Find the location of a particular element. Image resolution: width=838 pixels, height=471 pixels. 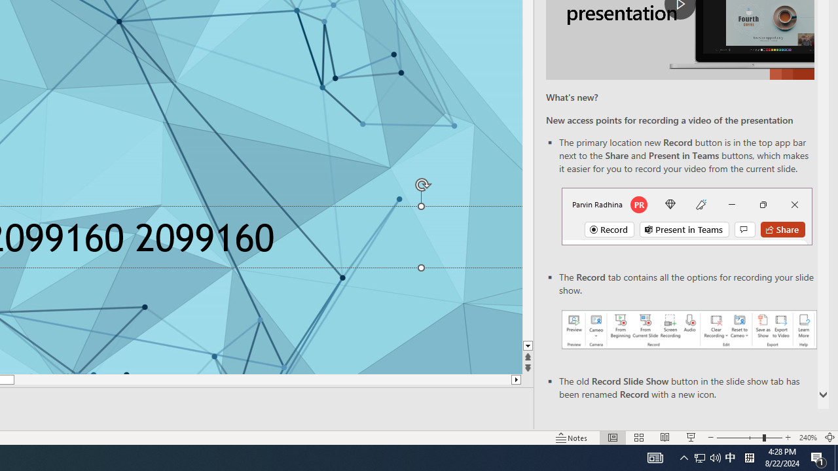

'Zoom to Fit ' is located at coordinates (829, 438).